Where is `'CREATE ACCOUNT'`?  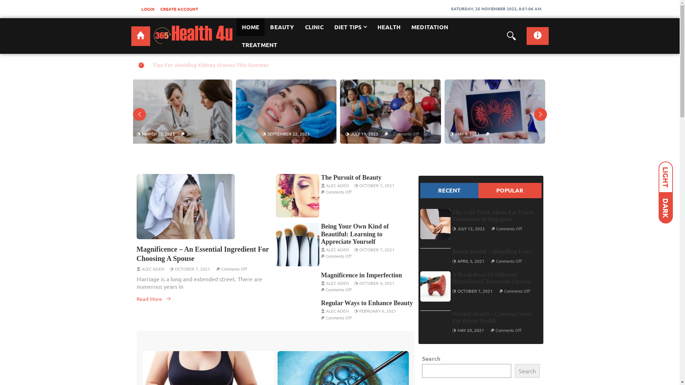 'CREATE ACCOUNT' is located at coordinates (178, 9).